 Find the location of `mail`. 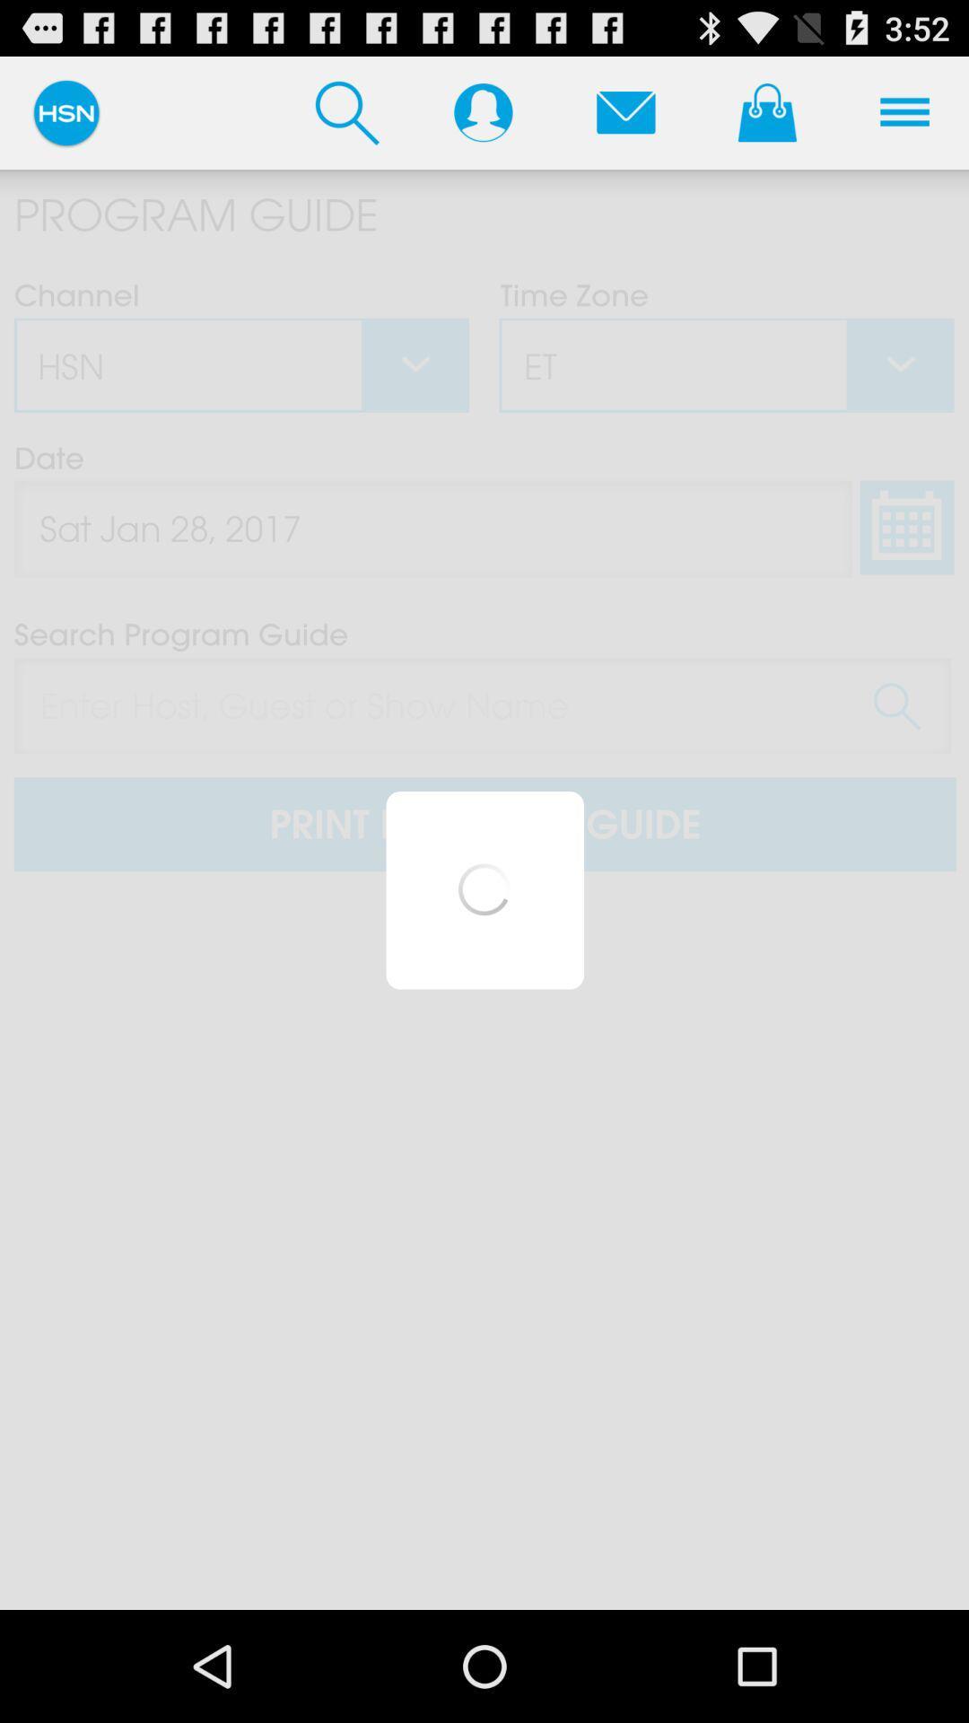

mail is located at coordinates (624, 111).